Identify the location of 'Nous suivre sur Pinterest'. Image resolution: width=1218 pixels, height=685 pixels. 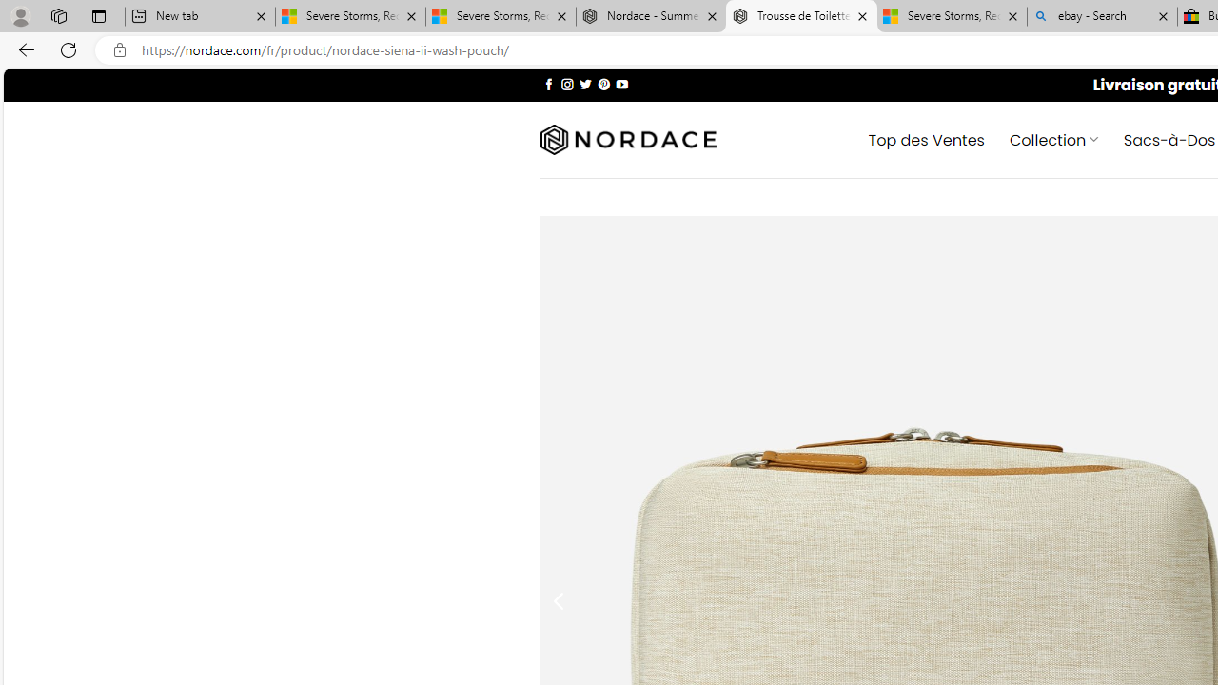
(602, 83).